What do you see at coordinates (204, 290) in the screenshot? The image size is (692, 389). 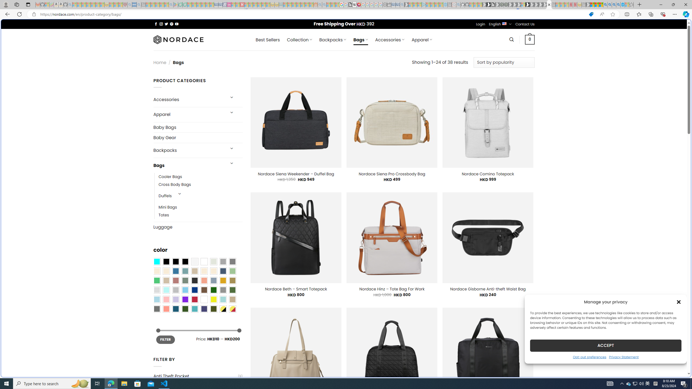 I see `'Brown'` at bounding box center [204, 290].